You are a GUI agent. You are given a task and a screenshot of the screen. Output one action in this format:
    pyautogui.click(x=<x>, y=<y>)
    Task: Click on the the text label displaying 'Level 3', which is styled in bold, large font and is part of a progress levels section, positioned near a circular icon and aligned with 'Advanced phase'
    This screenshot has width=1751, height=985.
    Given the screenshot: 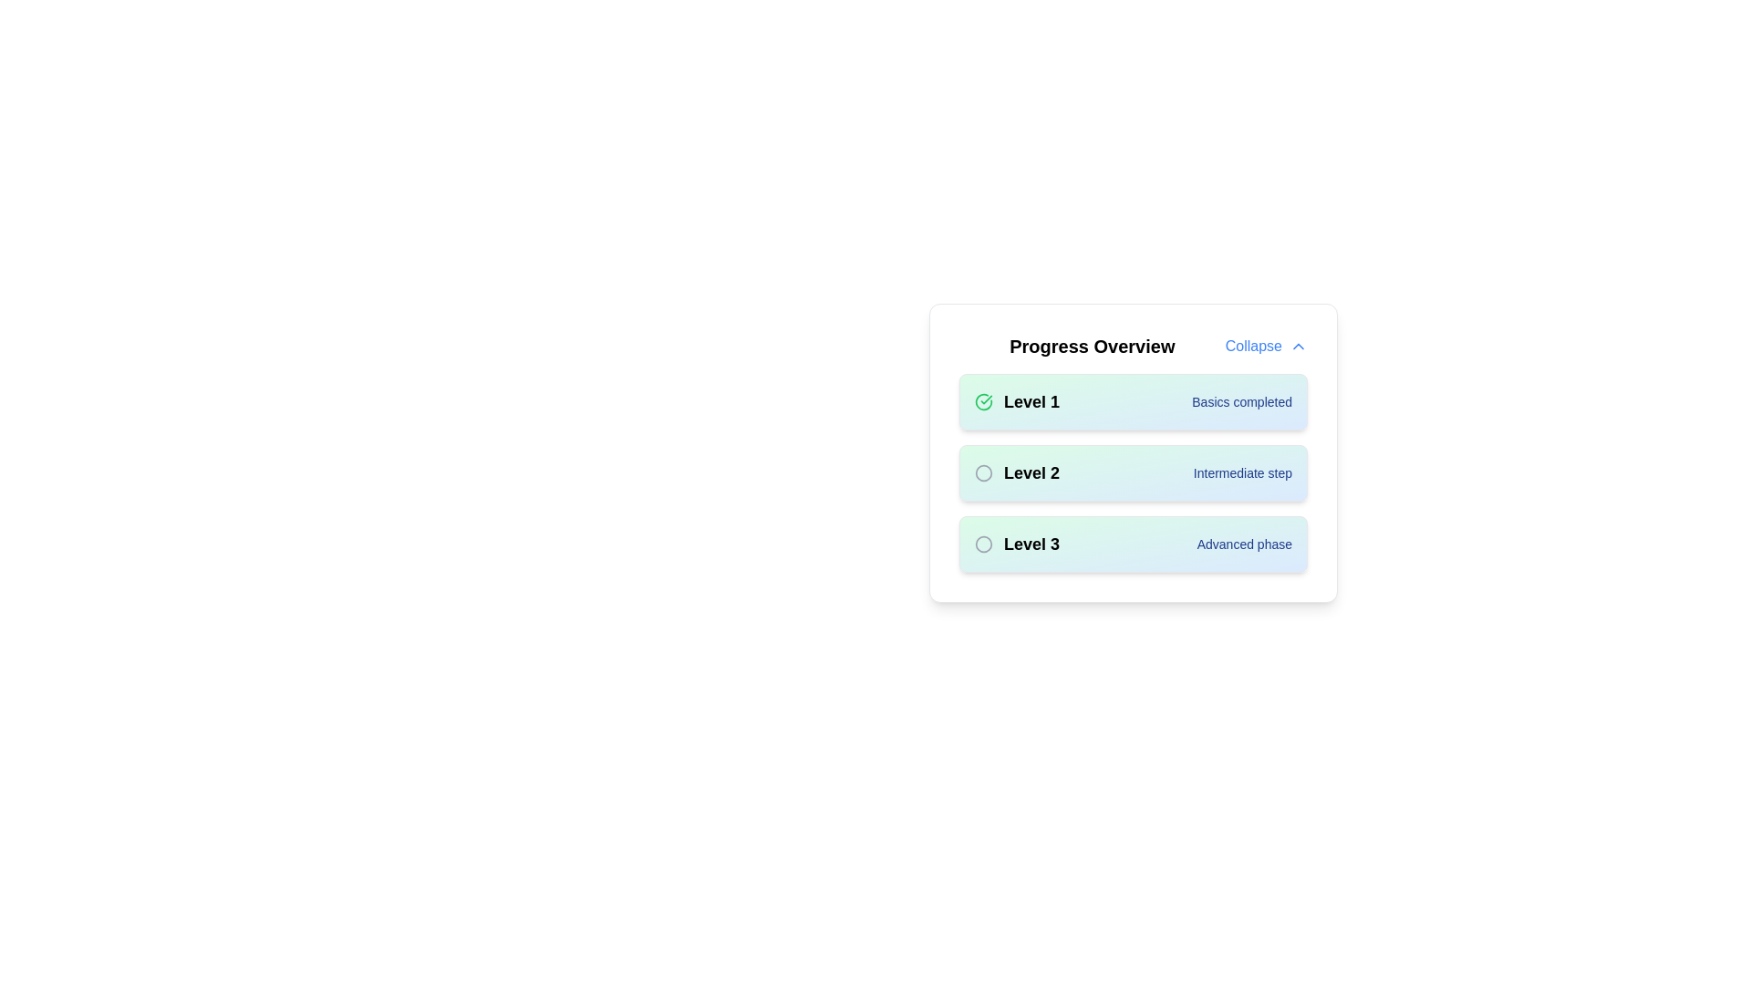 What is the action you would take?
    pyautogui.click(x=1031, y=544)
    